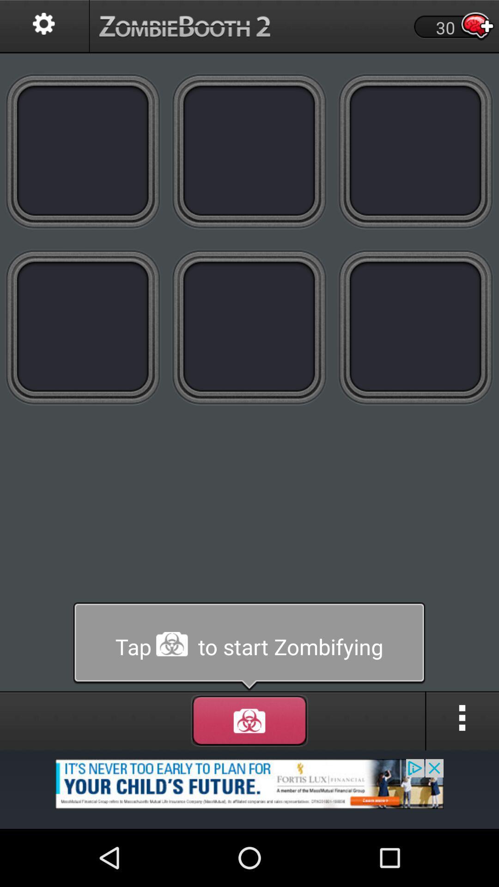  Describe the element at coordinates (249, 646) in the screenshot. I see `start tab` at that location.